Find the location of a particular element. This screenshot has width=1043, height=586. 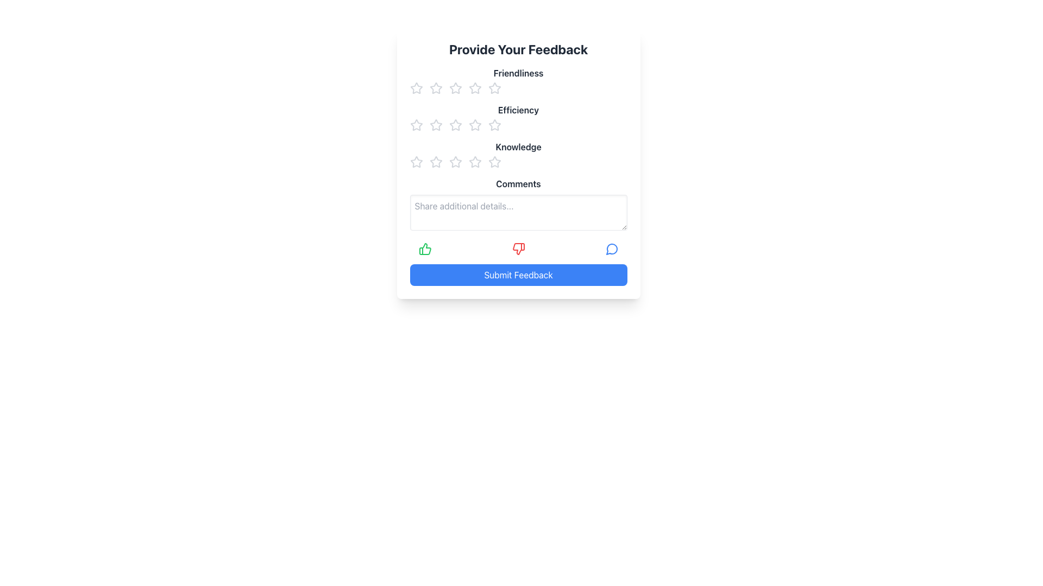

the 'Comments' label, which is styled with a bold font and is positioned above the multiline text input field in the feedback form layout is located at coordinates (518, 183).